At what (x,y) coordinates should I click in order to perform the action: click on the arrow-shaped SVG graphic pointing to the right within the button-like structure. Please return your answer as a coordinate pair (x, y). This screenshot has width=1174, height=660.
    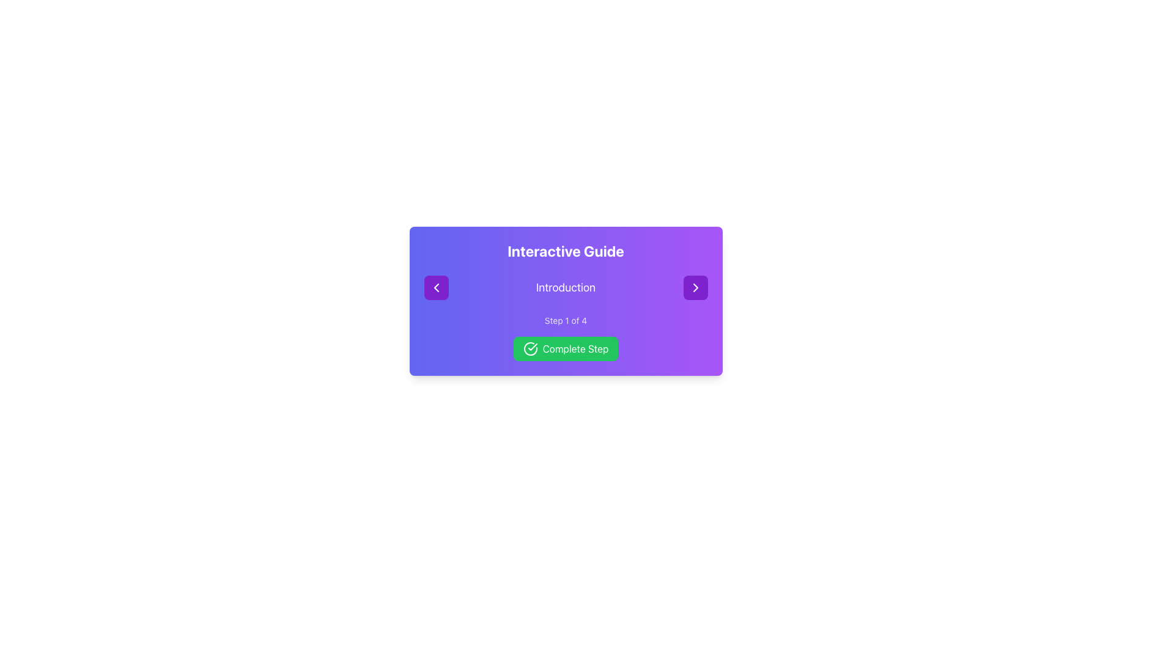
    Looking at the image, I should click on (695, 287).